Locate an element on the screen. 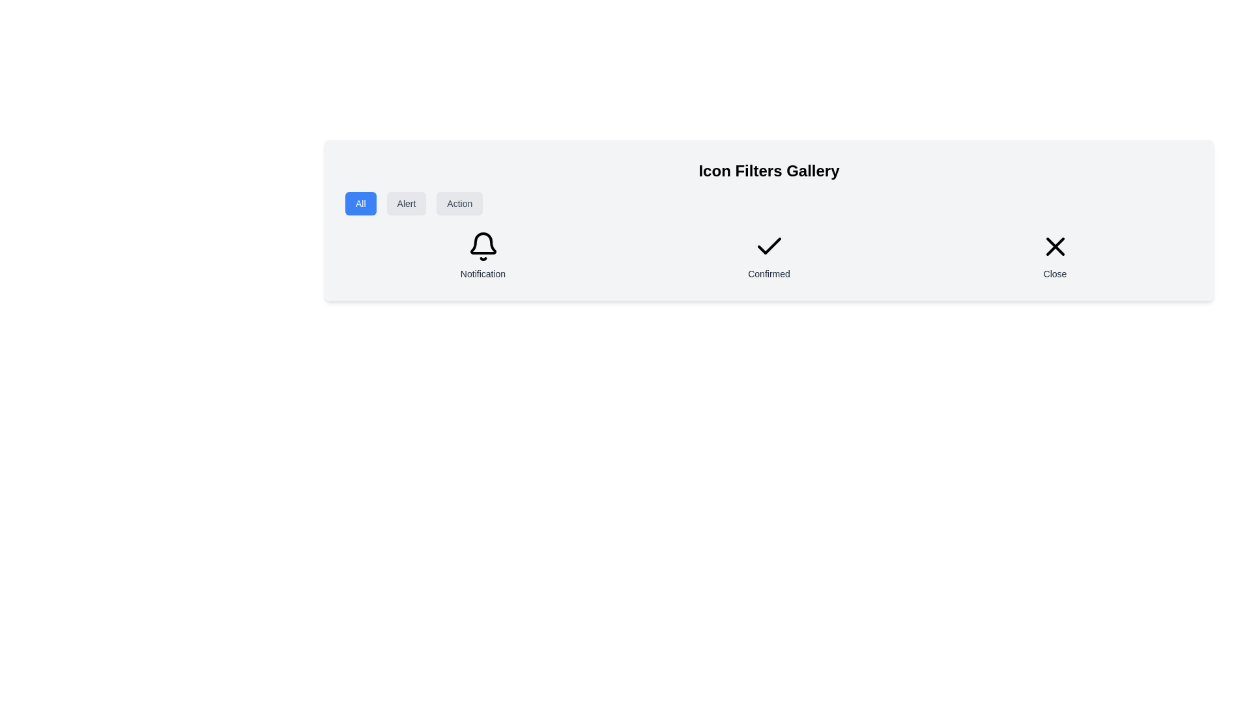  the 'Action' button, which is the third and rightmost button in a horizontal group of three buttons located in the upper left portion of the interface is located at coordinates (459, 203).